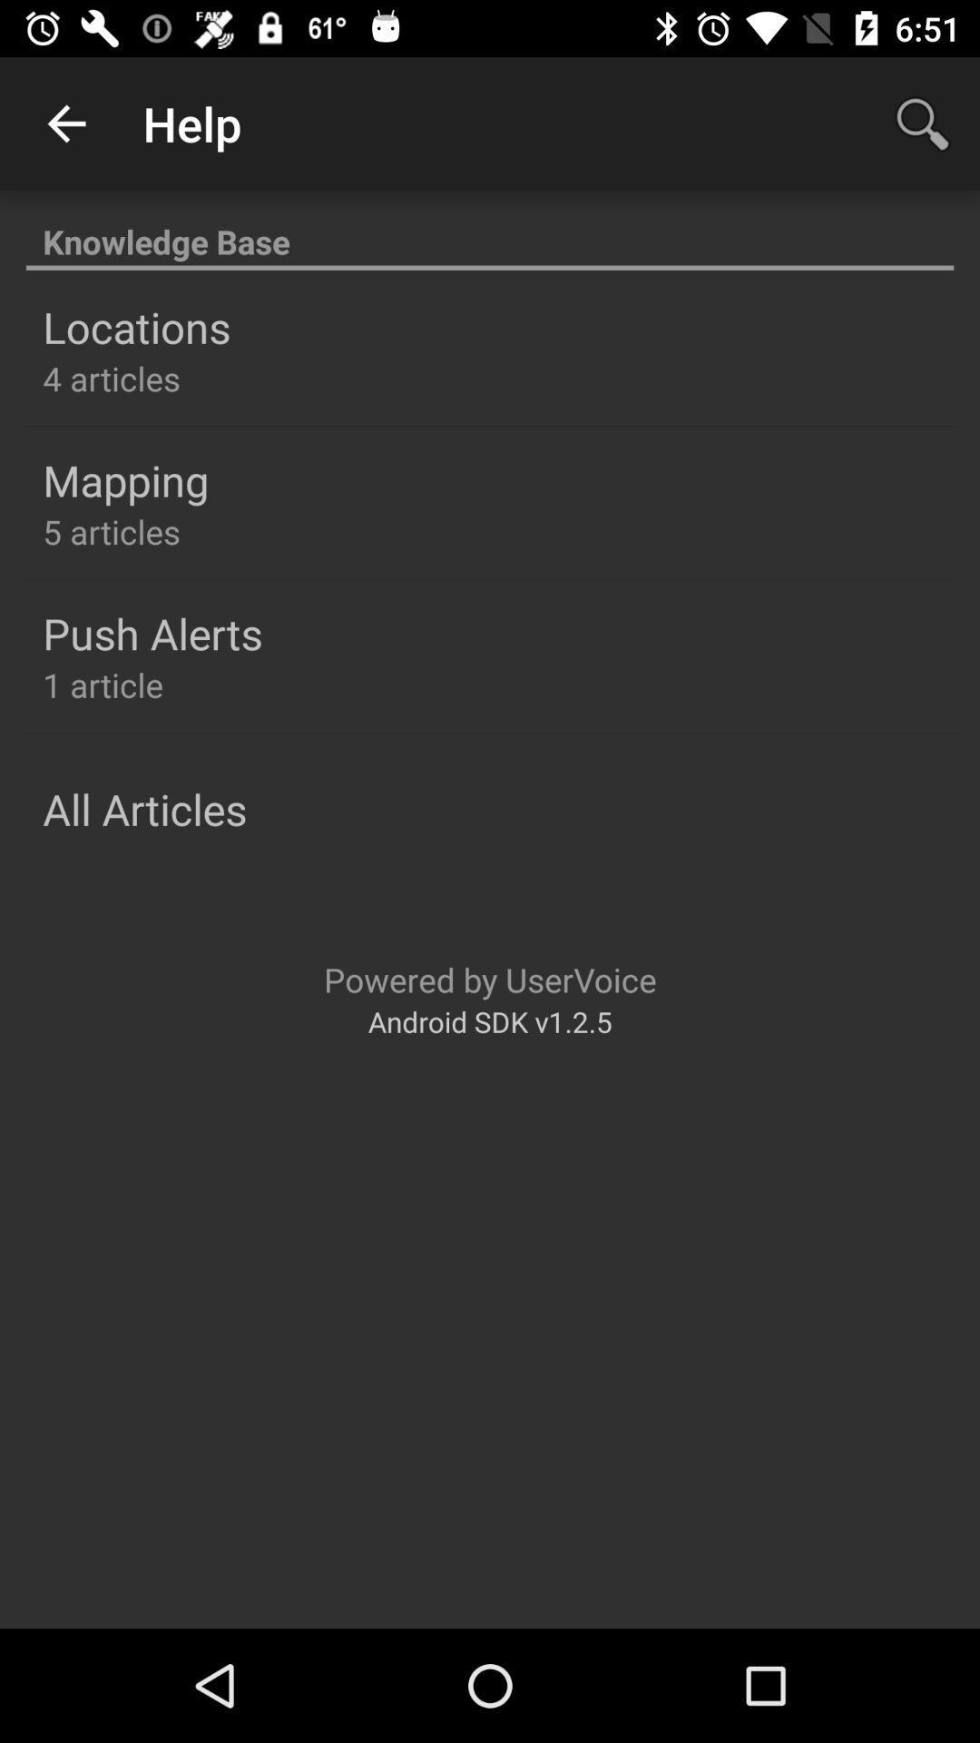 The height and width of the screenshot is (1743, 980). Describe the element at coordinates (490, 1021) in the screenshot. I see `item below the powered by uservoice item` at that location.